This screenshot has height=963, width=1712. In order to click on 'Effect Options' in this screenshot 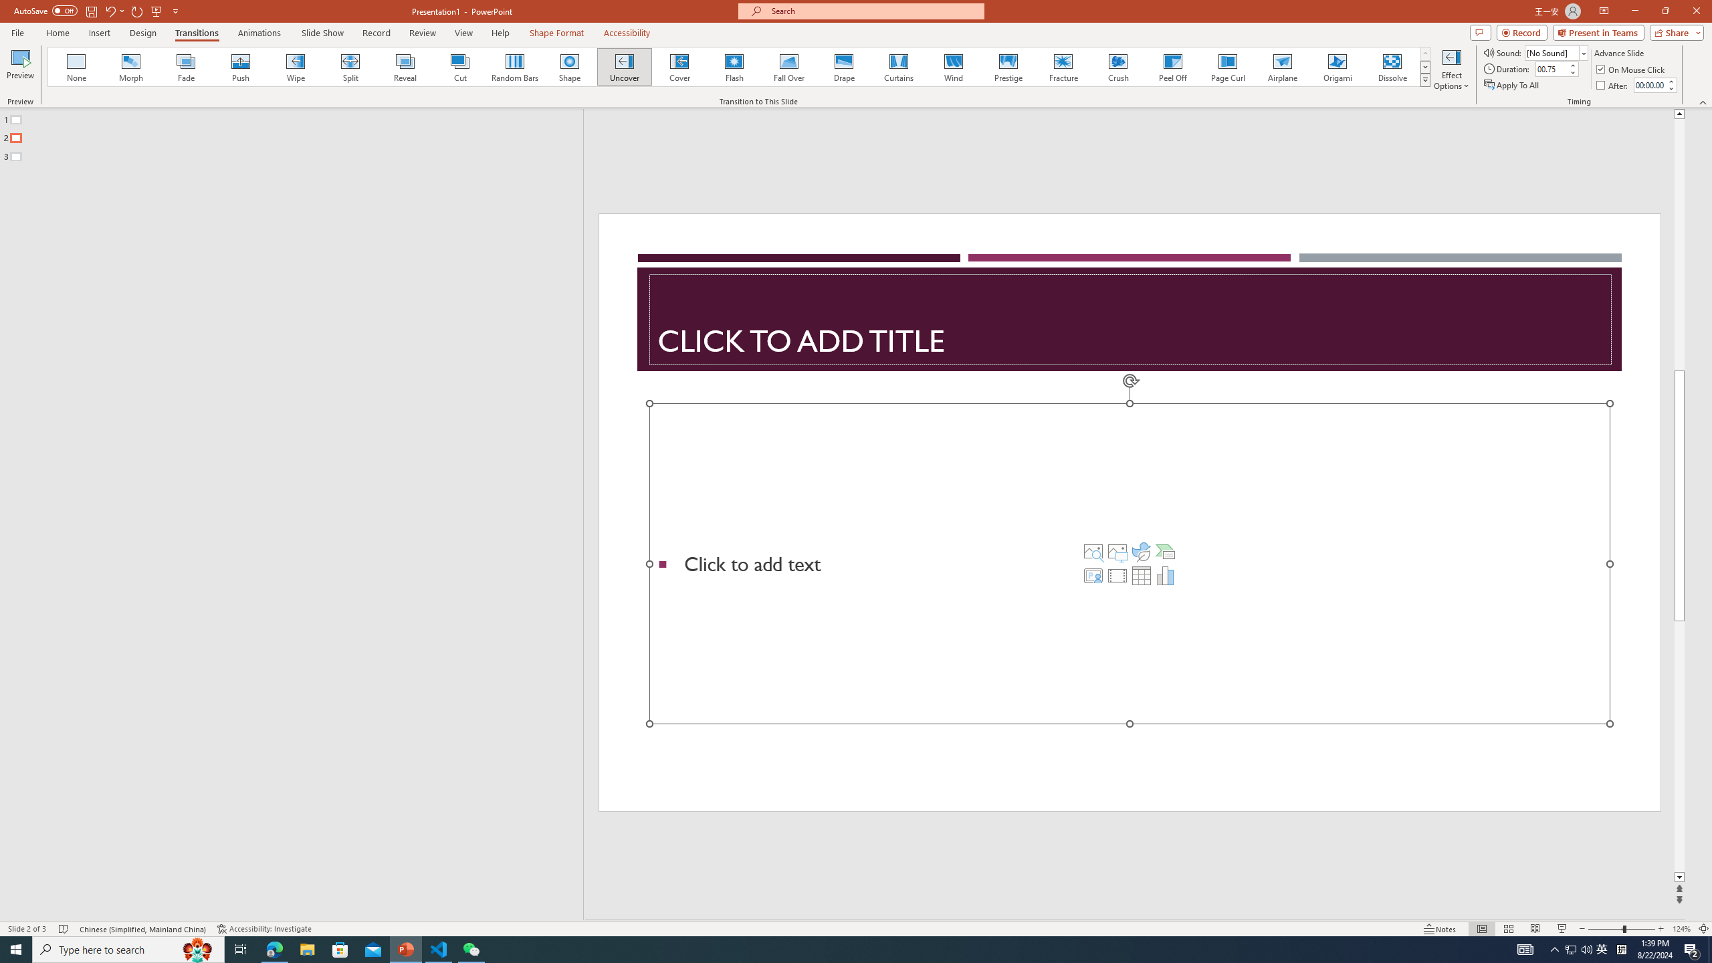, I will do `click(1451, 69)`.